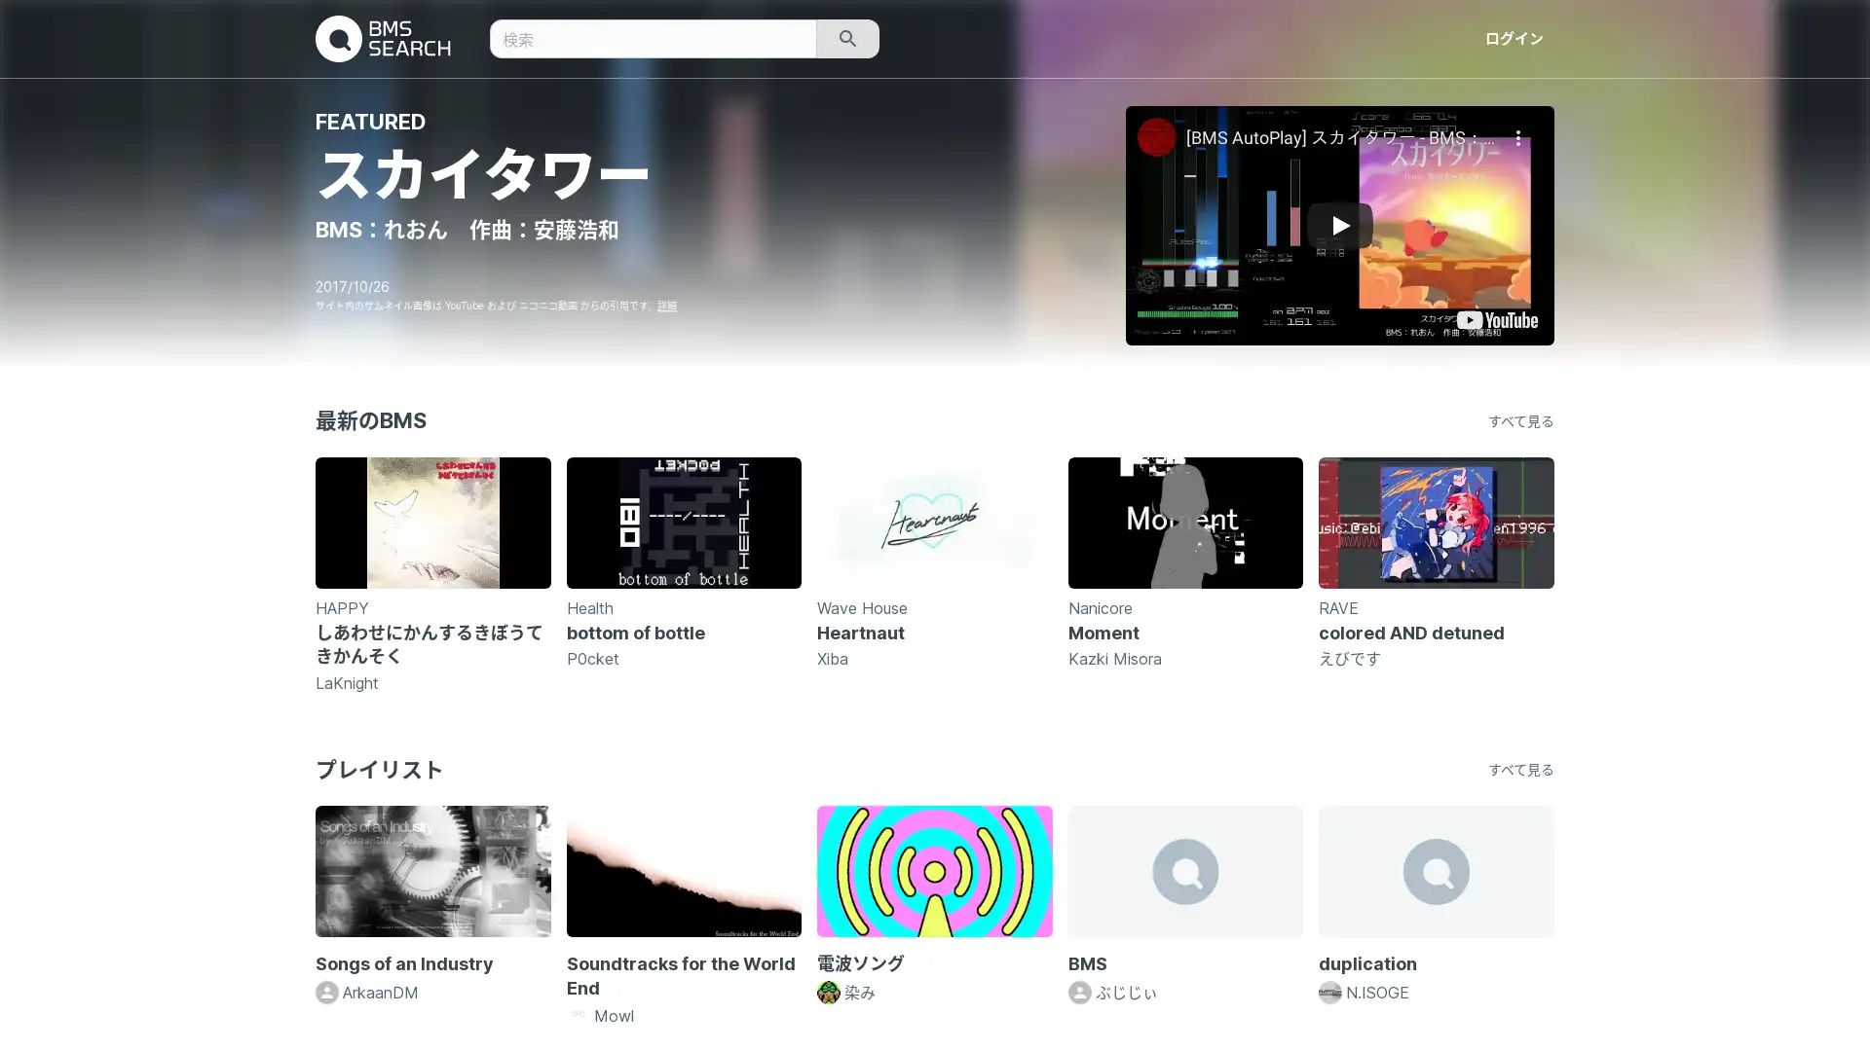 The image size is (1870, 1051). What do you see at coordinates (431, 904) in the screenshot?
I see `Songs of an Industry ArkaanDM` at bounding box center [431, 904].